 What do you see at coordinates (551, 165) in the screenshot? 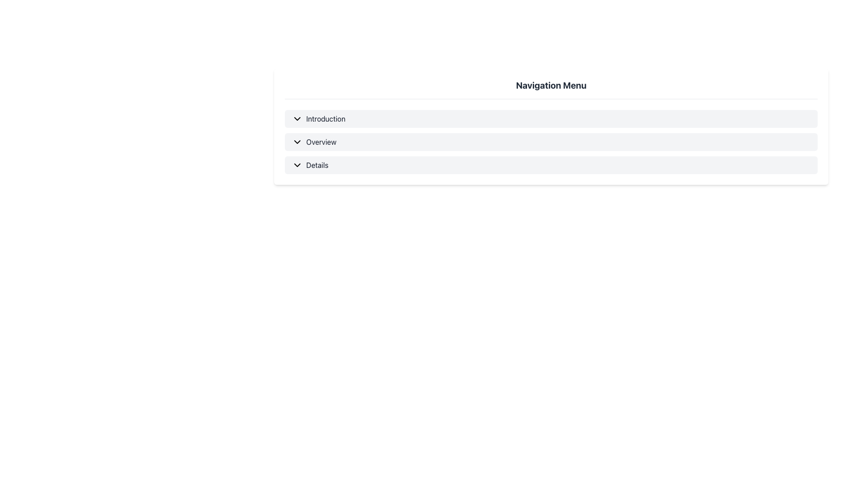
I see `the third menu item in the vertically arranged list` at bounding box center [551, 165].